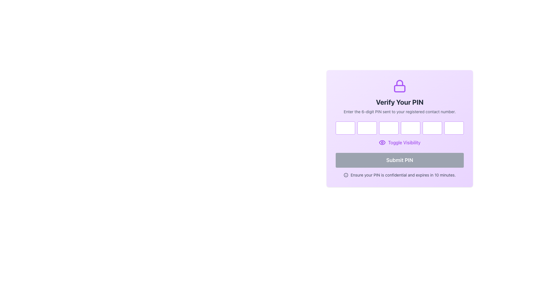  Describe the element at coordinates (367, 127) in the screenshot. I see `the second Password Input Box, which has a rounded border and purple outline, to focus it` at that location.